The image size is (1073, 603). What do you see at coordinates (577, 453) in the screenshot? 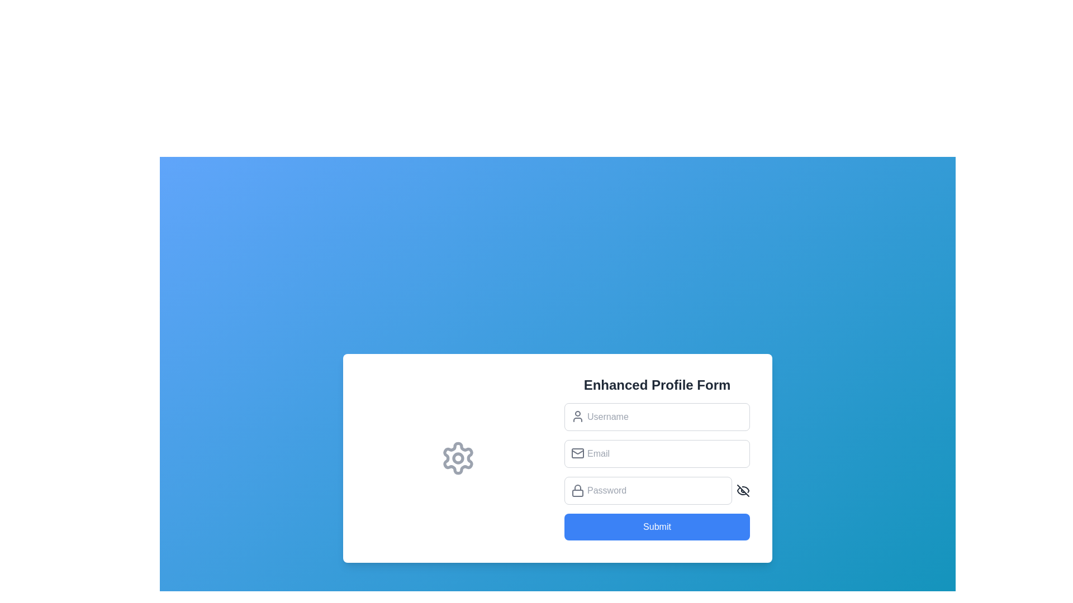
I see `the email icon, which is an SVG envelope icon styled with a thin gray stroke outline, positioned to the left of the 'Email' placeholder in the email input field of the form` at bounding box center [577, 453].